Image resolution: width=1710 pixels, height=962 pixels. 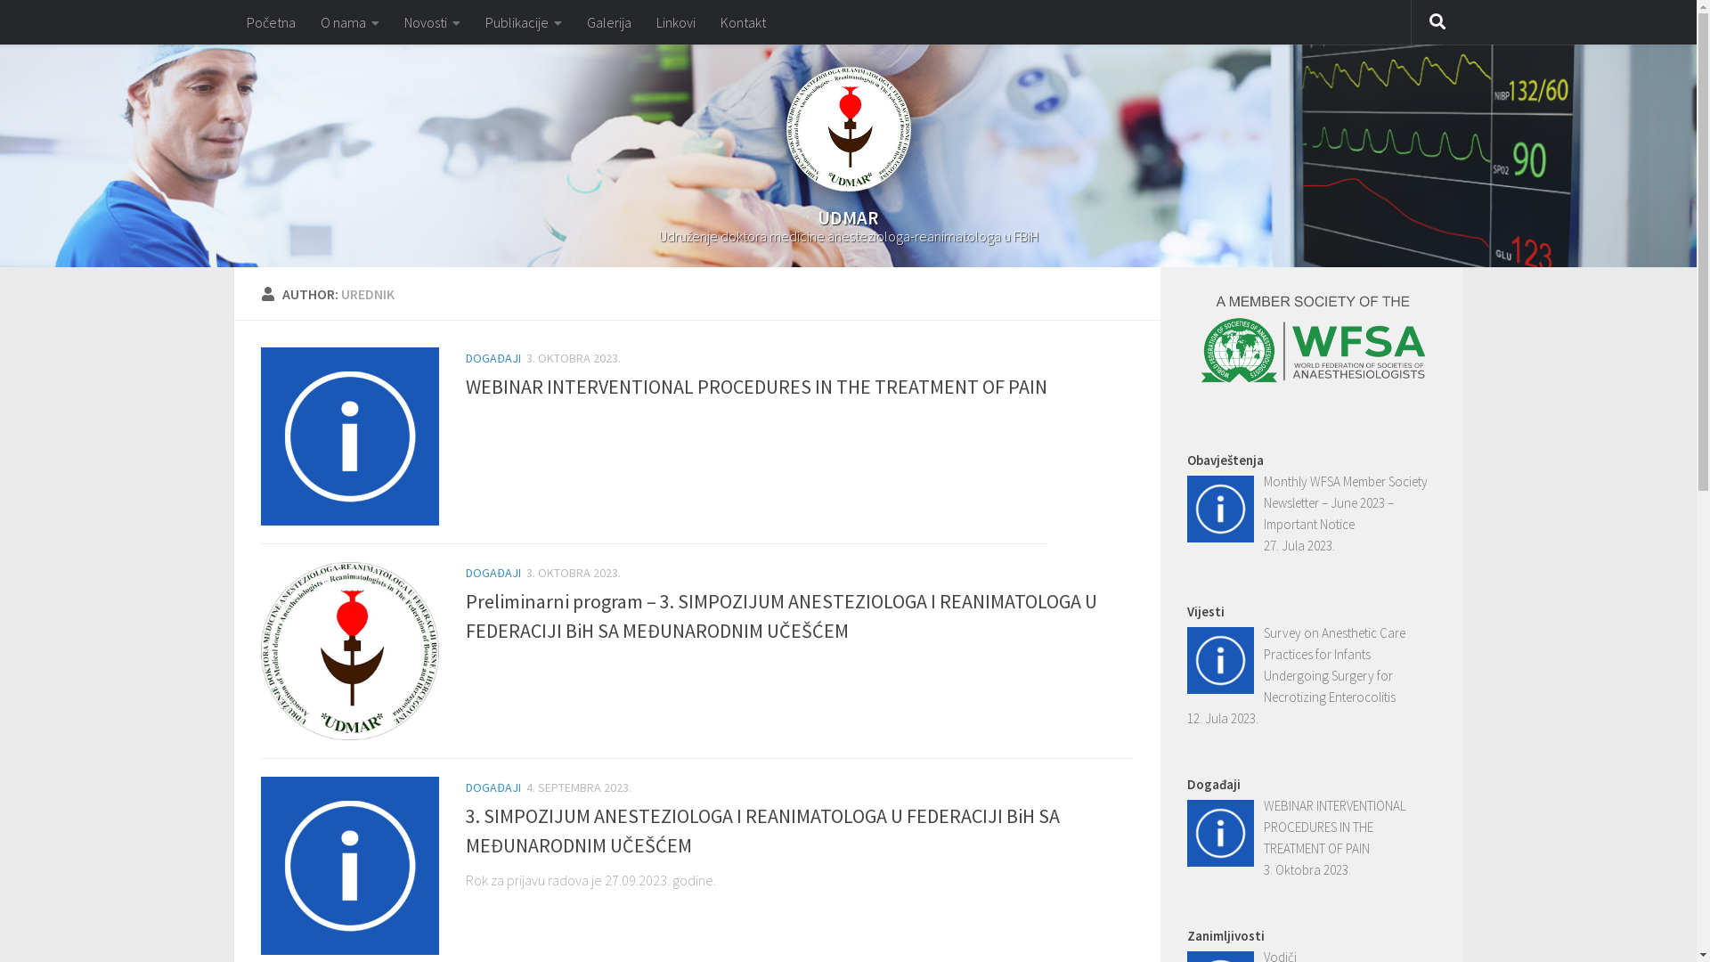 I want to click on 'O nama', so click(x=350, y=21).